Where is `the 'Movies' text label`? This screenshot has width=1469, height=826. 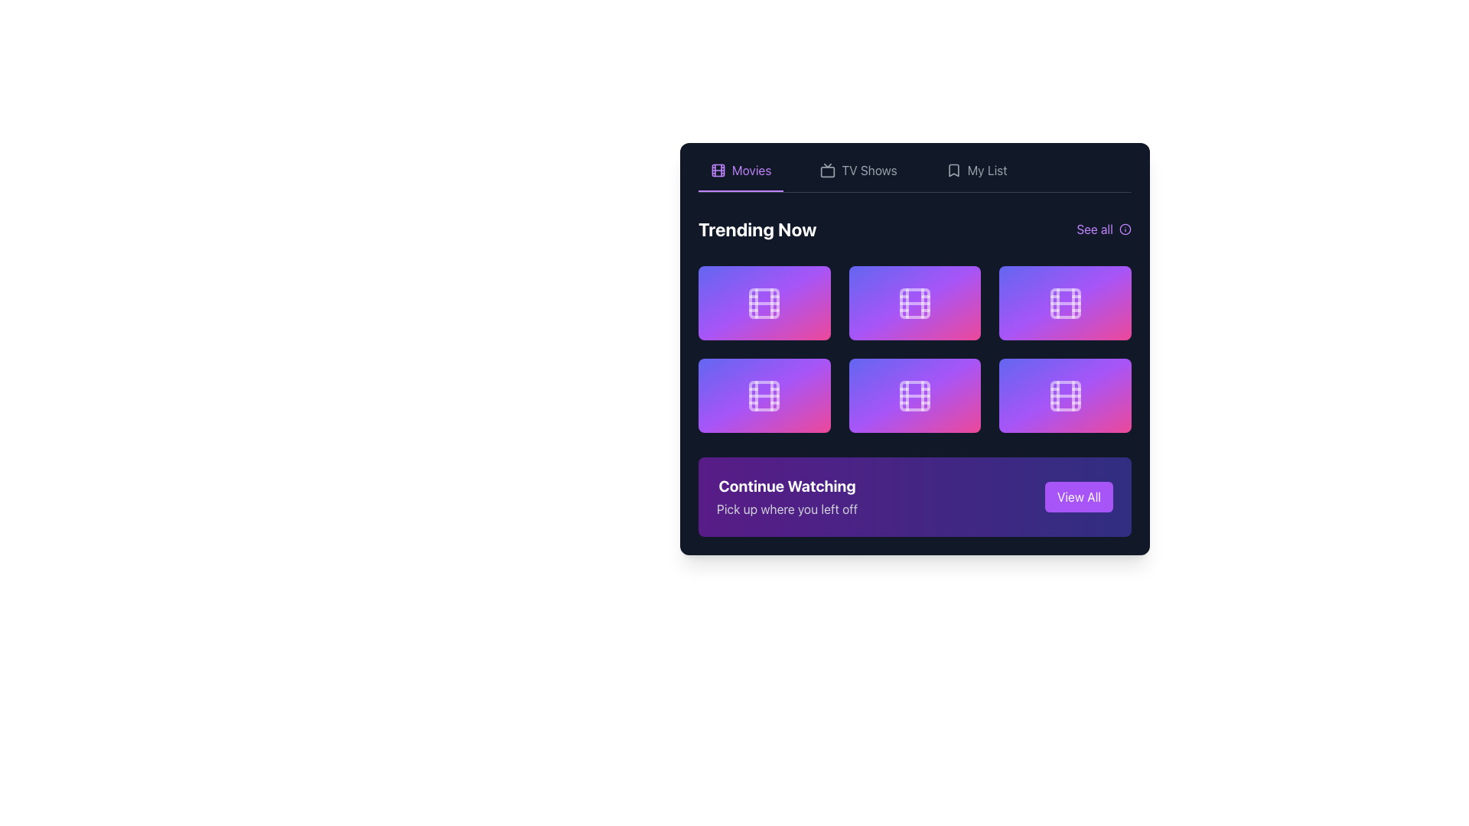 the 'Movies' text label is located at coordinates (751, 171).